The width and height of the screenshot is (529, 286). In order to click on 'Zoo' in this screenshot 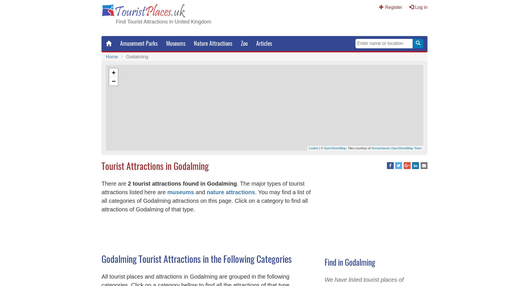, I will do `click(244, 43)`.